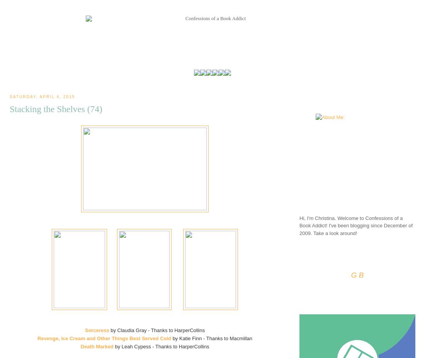 The height and width of the screenshot is (358, 425). Describe the element at coordinates (157, 330) in the screenshot. I see `'by Claudia Gray - Thanks to HarperCollins'` at that location.